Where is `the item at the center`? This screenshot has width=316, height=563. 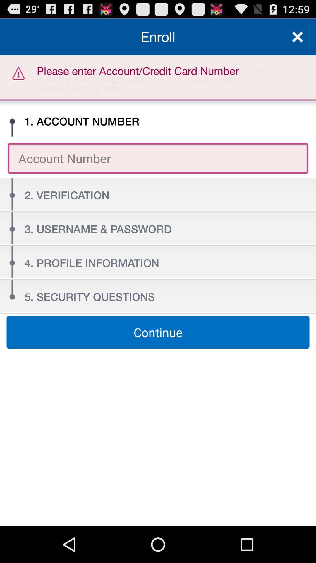 the item at the center is located at coordinates (158, 332).